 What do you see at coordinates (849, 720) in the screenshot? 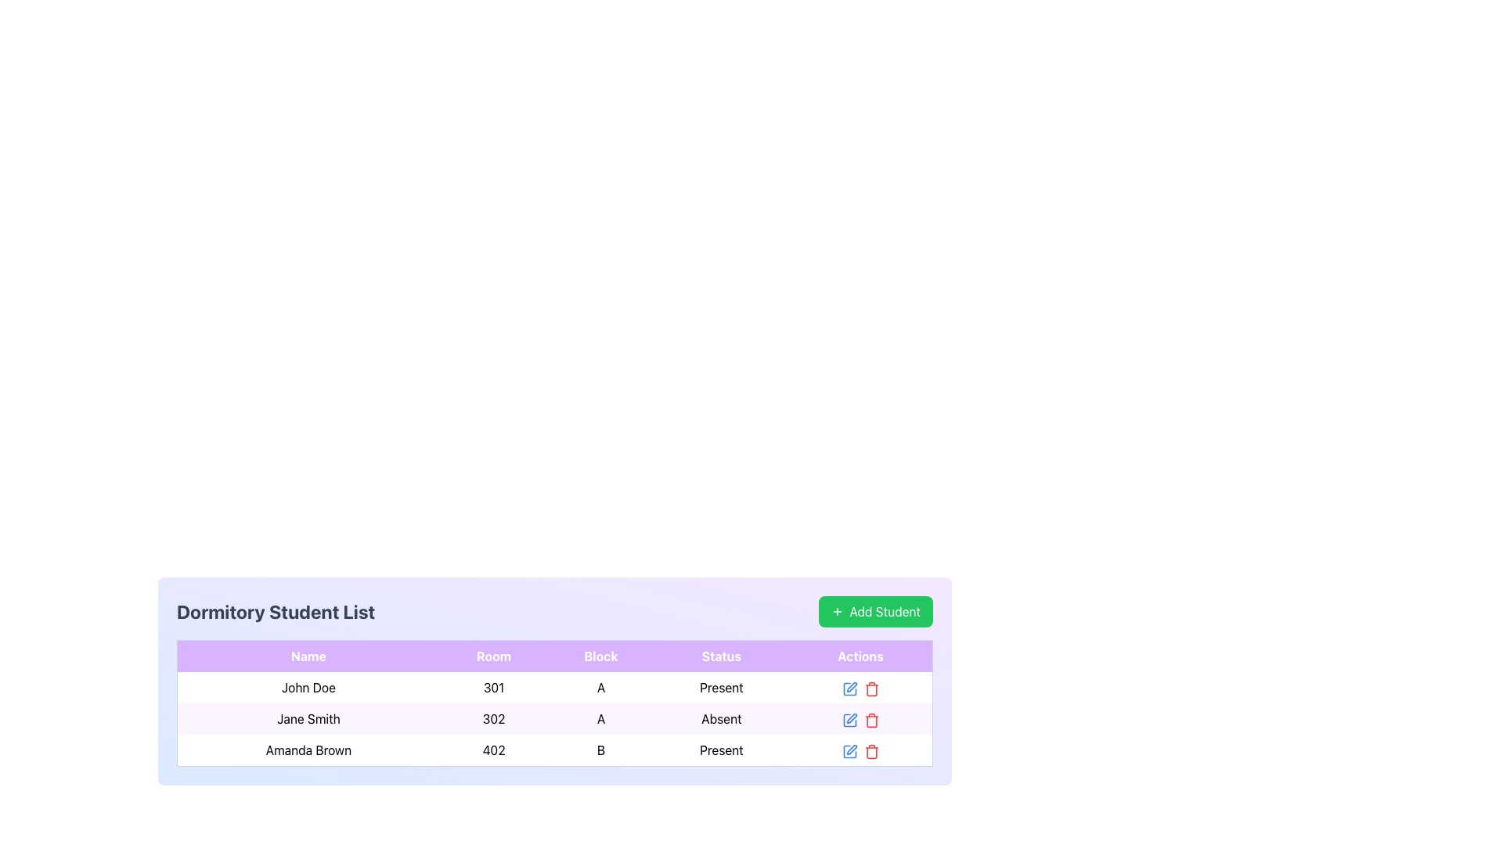
I see `the edit icon button for 'Jane Smith'` at bounding box center [849, 720].